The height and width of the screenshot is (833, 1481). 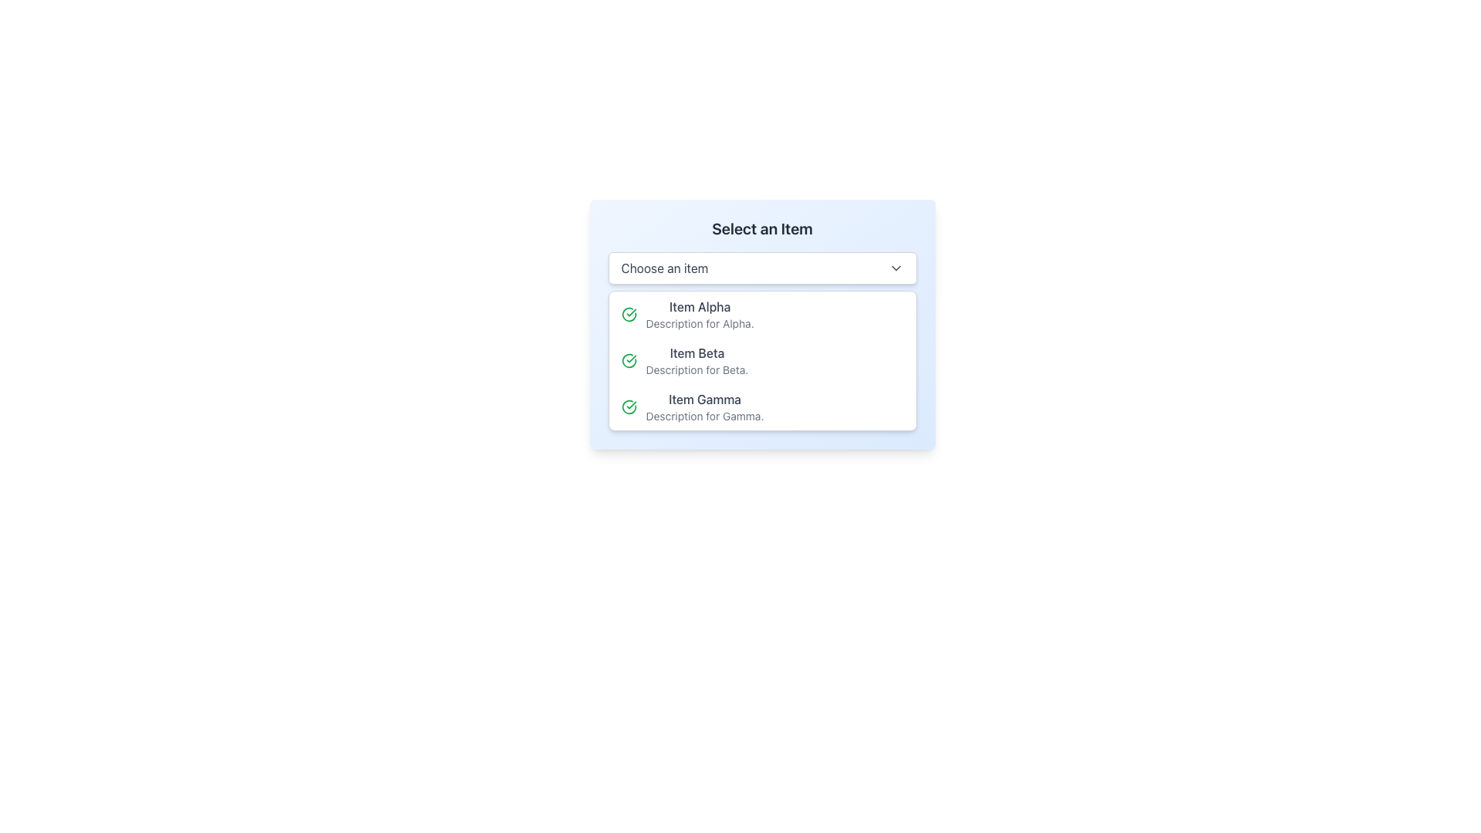 I want to click on the third selectable option in the dropdown menu for 'Item Gamma', so click(x=762, y=406).